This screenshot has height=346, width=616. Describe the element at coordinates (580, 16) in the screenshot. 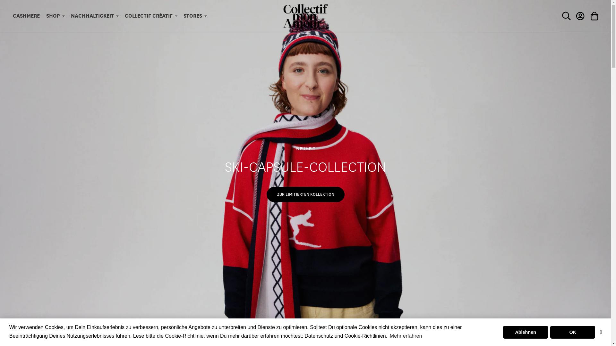

I see `'Konto'` at that location.